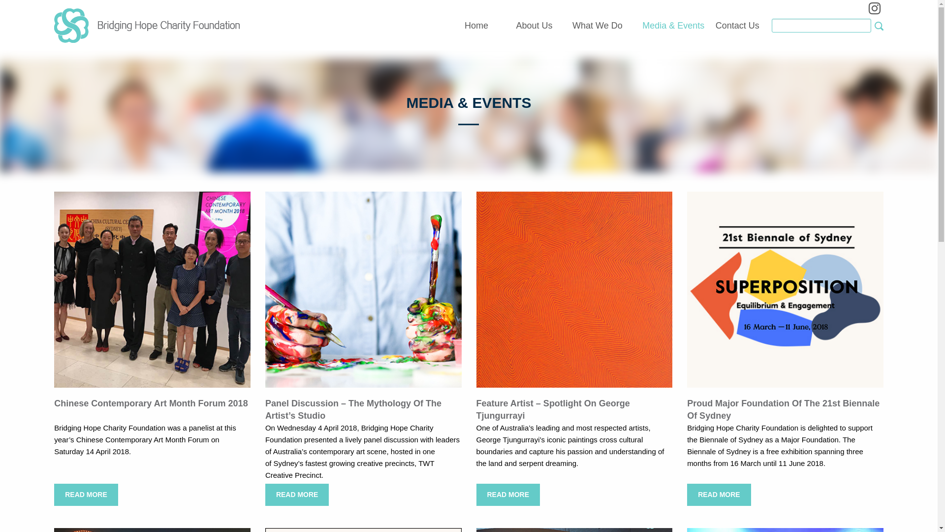 Image resolution: width=945 pixels, height=532 pixels. Describe the element at coordinates (673, 26) in the screenshot. I see `'Media & Events'` at that location.